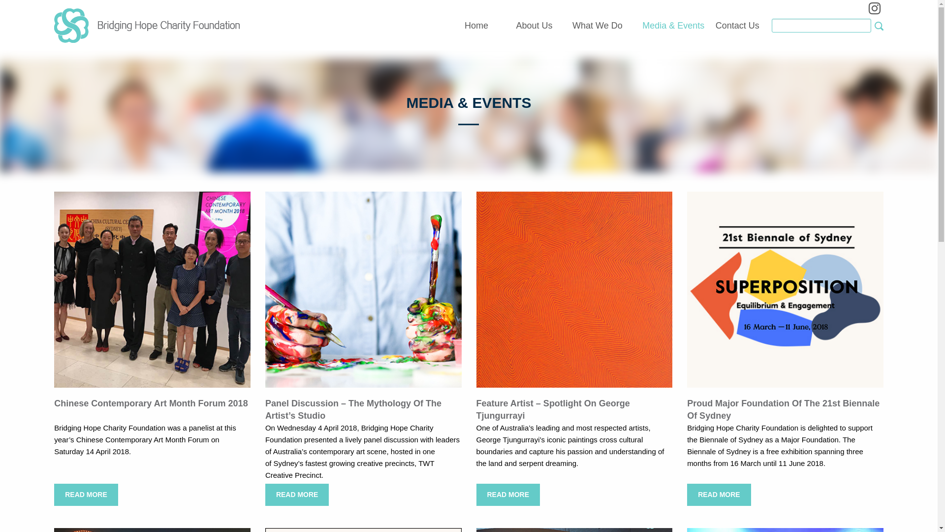 Image resolution: width=945 pixels, height=532 pixels. Describe the element at coordinates (673, 26) in the screenshot. I see `'Media & Events'` at that location.